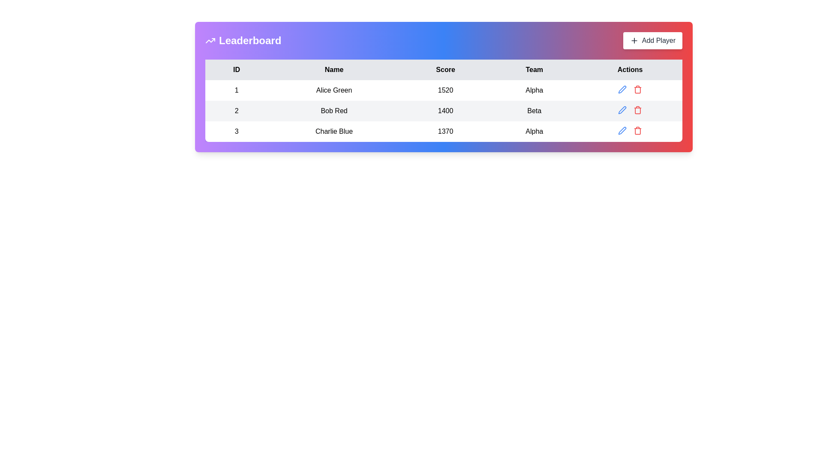 The width and height of the screenshot is (823, 463). Describe the element at coordinates (210, 41) in the screenshot. I see `the trending icon located in the header section of the 'Leaderboard' panel, positioned to the left of the 'Leaderboard' text` at that location.